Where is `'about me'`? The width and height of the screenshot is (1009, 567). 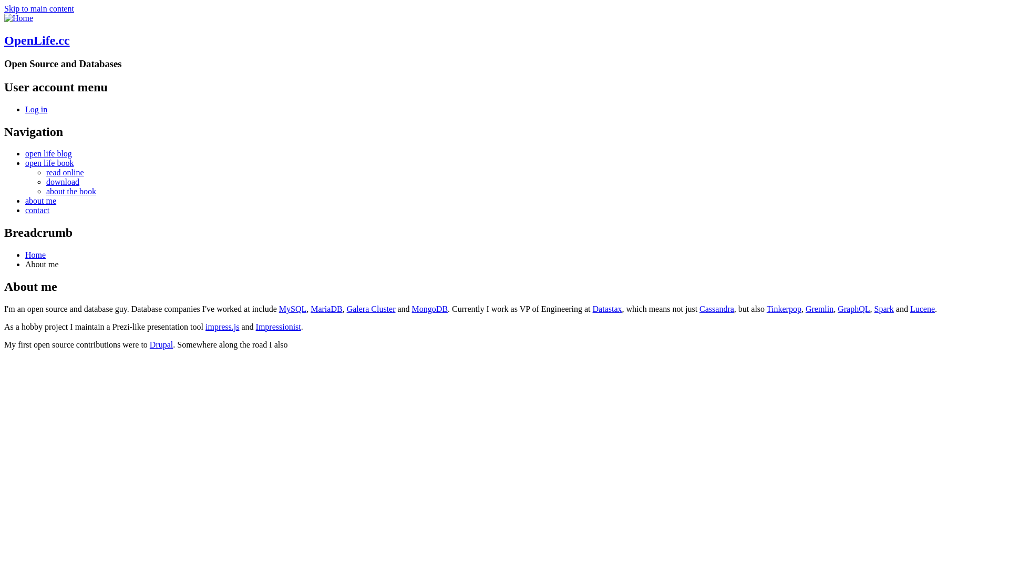 'about me' is located at coordinates (40, 201).